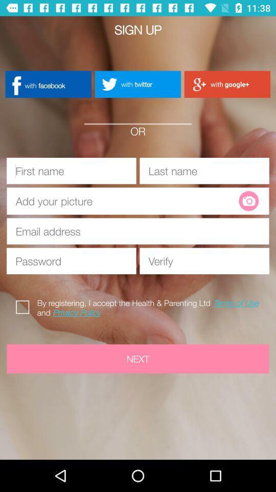  Describe the element at coordinates (127, 200) in the screenshot. I see `shows empty box` at that location.